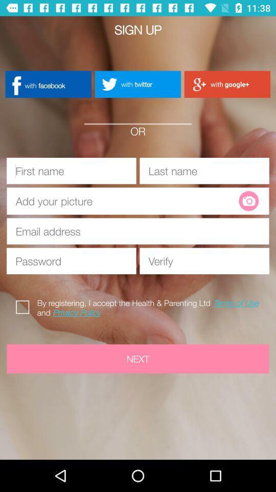  Describe the element at coordinates (127, 200) in the screenshot. I see `shows empty box` at that location.